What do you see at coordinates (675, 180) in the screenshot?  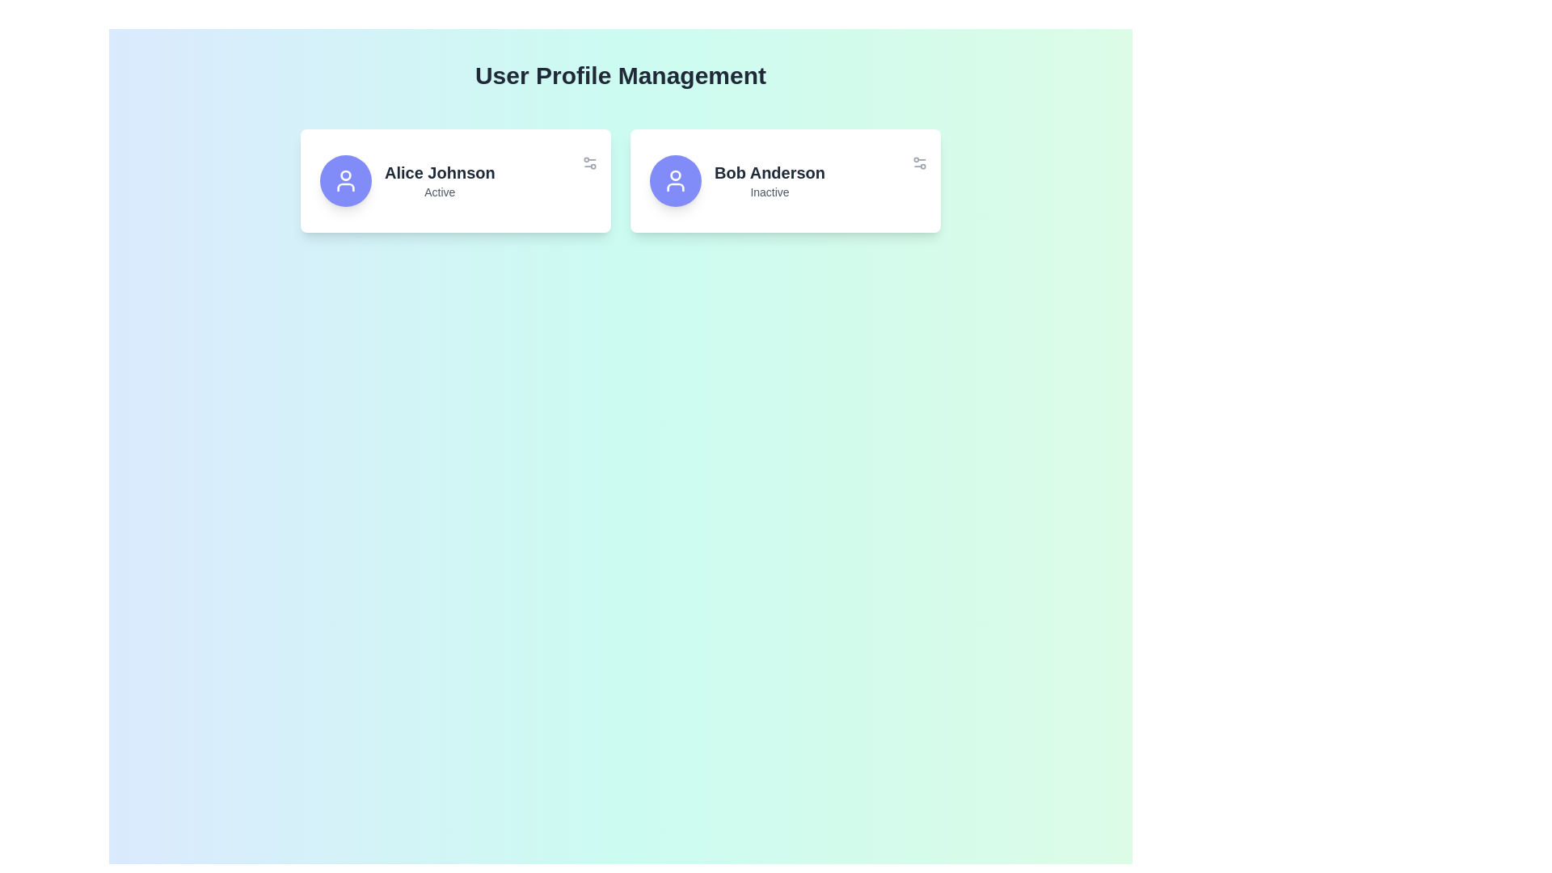 I see `the circular icon with a lavender background and white user silhouette, located within the card displaying 'Bob Anderson' and 'Inactive'` at bounding box center [675, 180].